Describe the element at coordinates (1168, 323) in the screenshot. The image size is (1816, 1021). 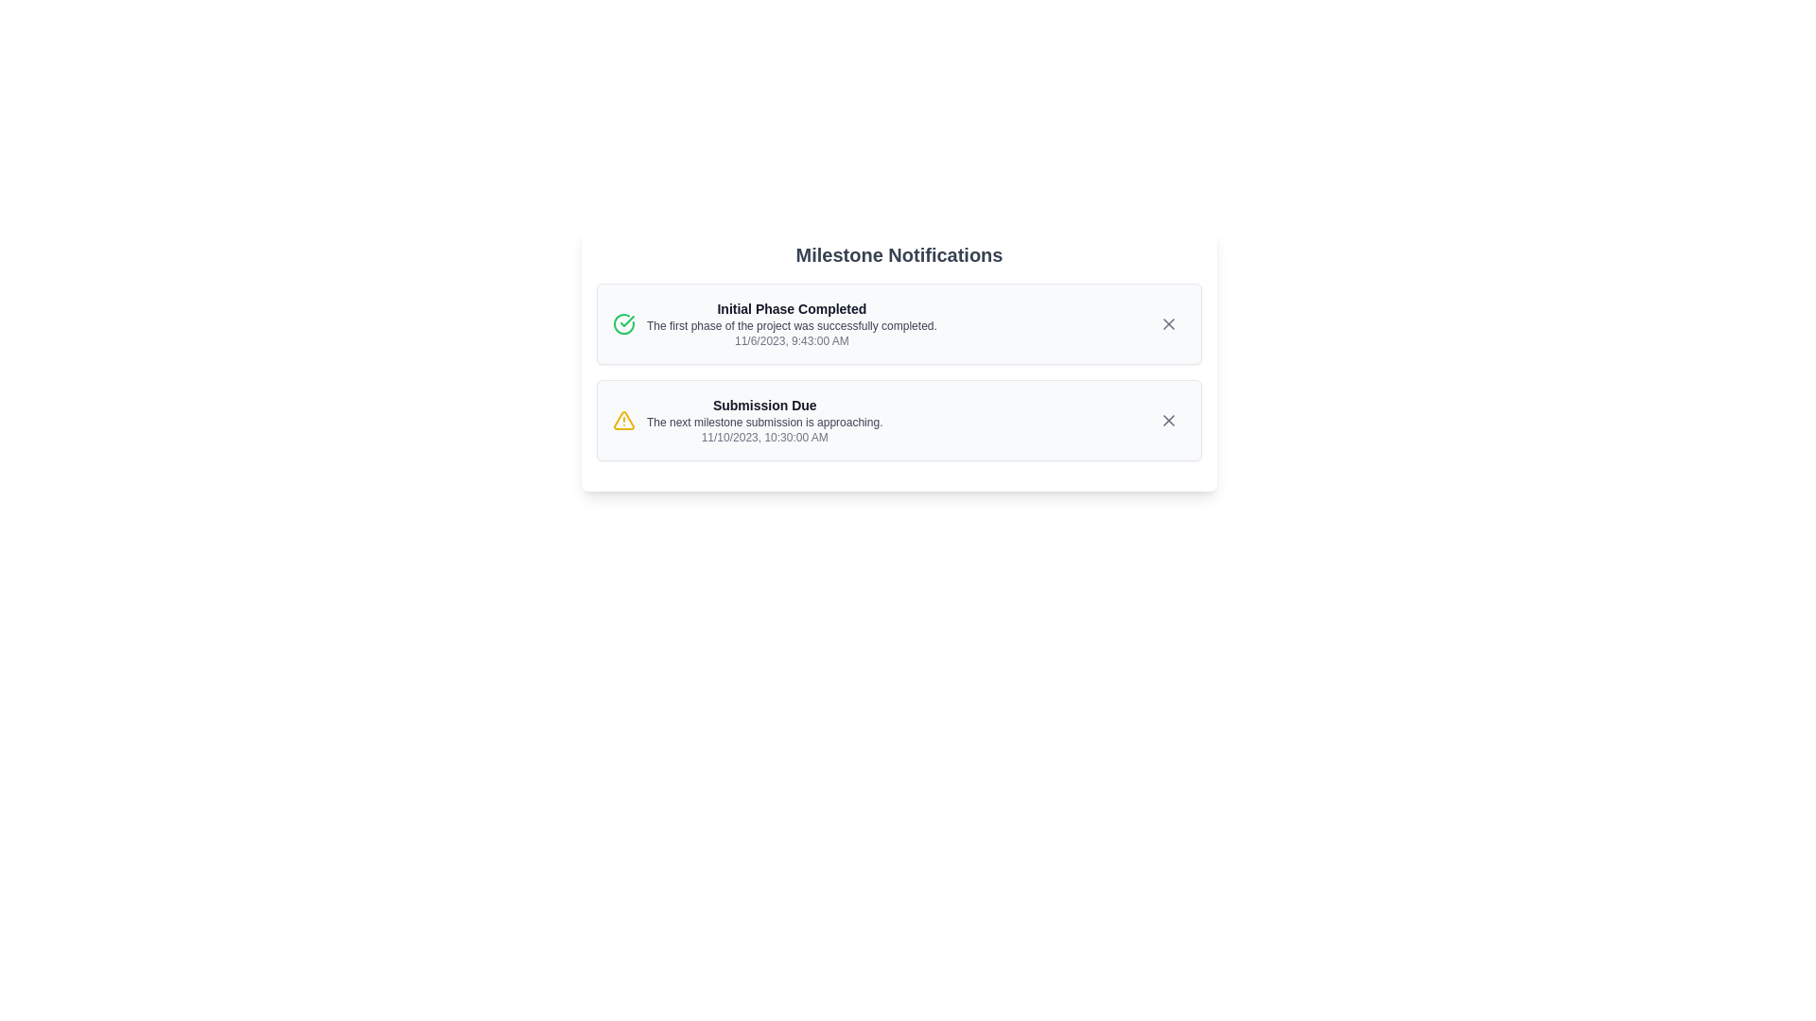
I see `close button for the milestone 1` at that location.